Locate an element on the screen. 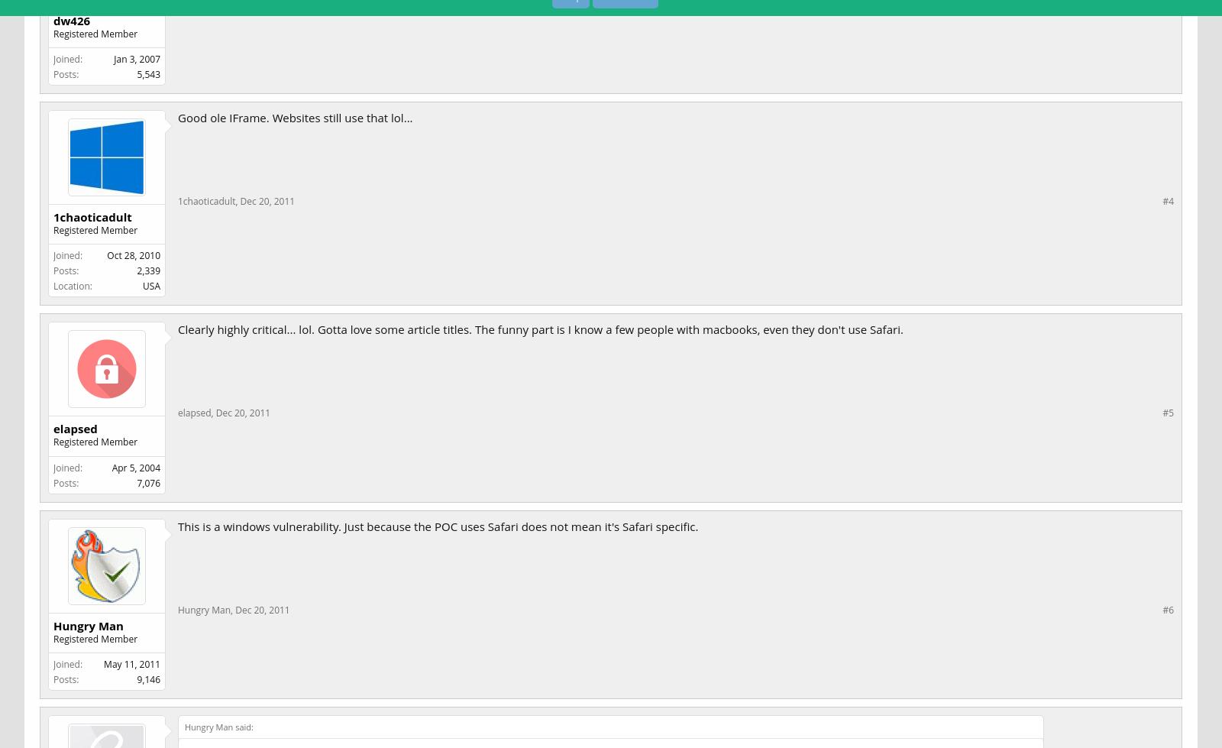 The width and height of the screenshot is (1222, 748). 'Apr 5, 2004' is located at coordinates (135, 466).